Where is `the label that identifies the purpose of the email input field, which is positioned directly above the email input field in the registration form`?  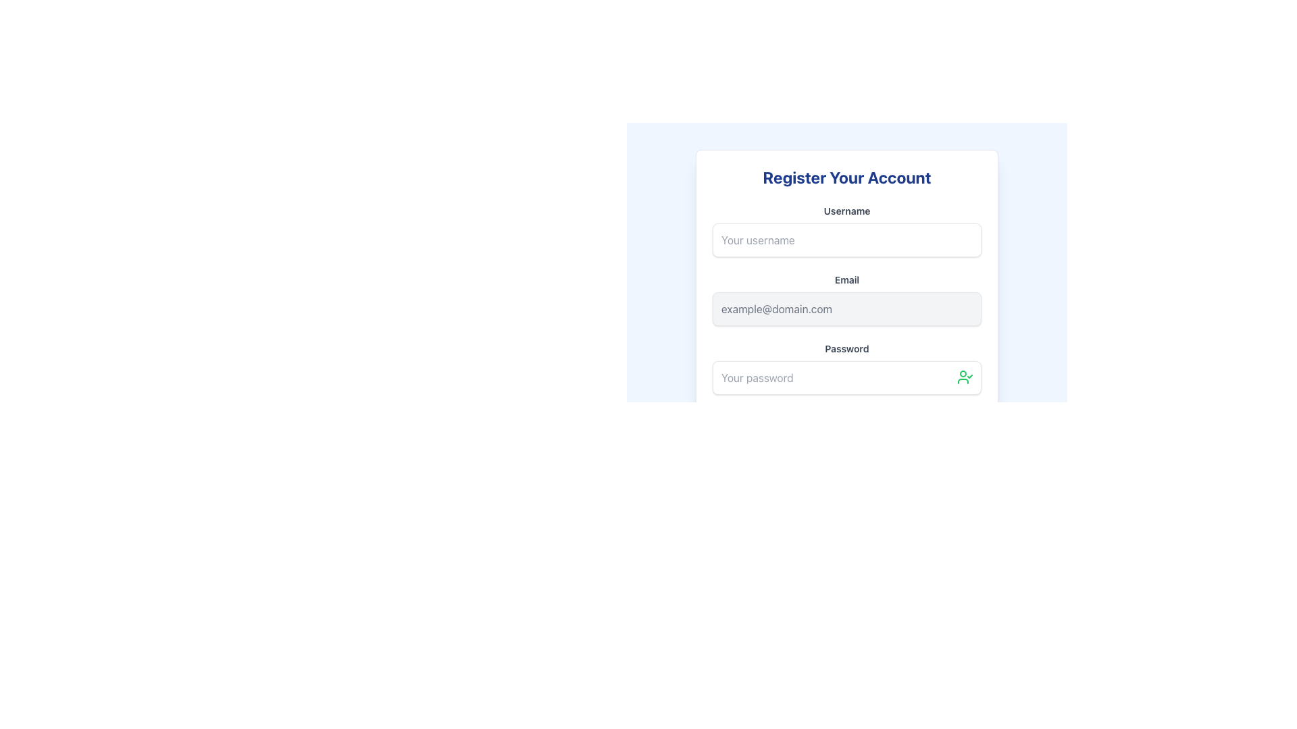
the label that identifies the purpose of the email input field, which is positioned directly above the email input field in the registration form is located at coordinates (846, 279).